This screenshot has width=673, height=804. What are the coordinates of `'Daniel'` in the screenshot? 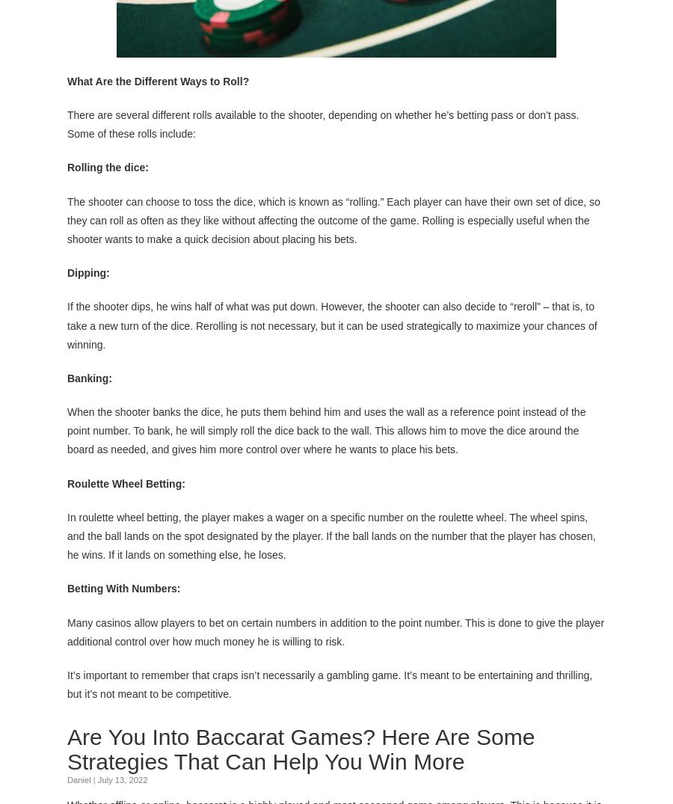 It's located at (78, 779).